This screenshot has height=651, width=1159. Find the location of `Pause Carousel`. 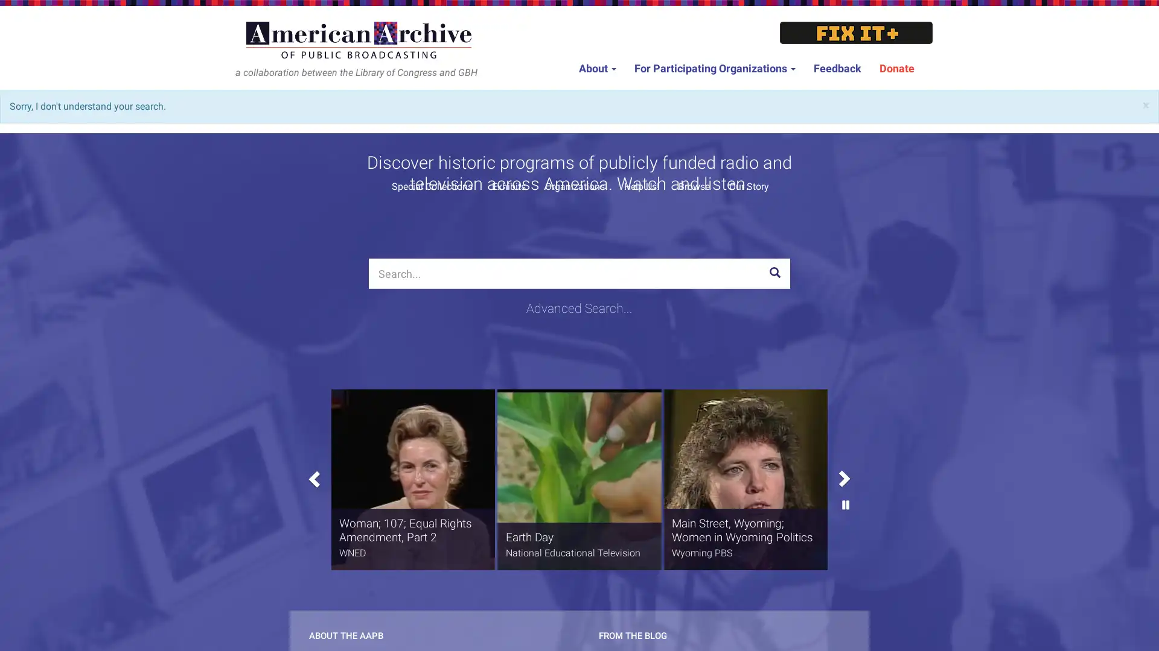

Pause Carousel is located at coordinates (845, 544).